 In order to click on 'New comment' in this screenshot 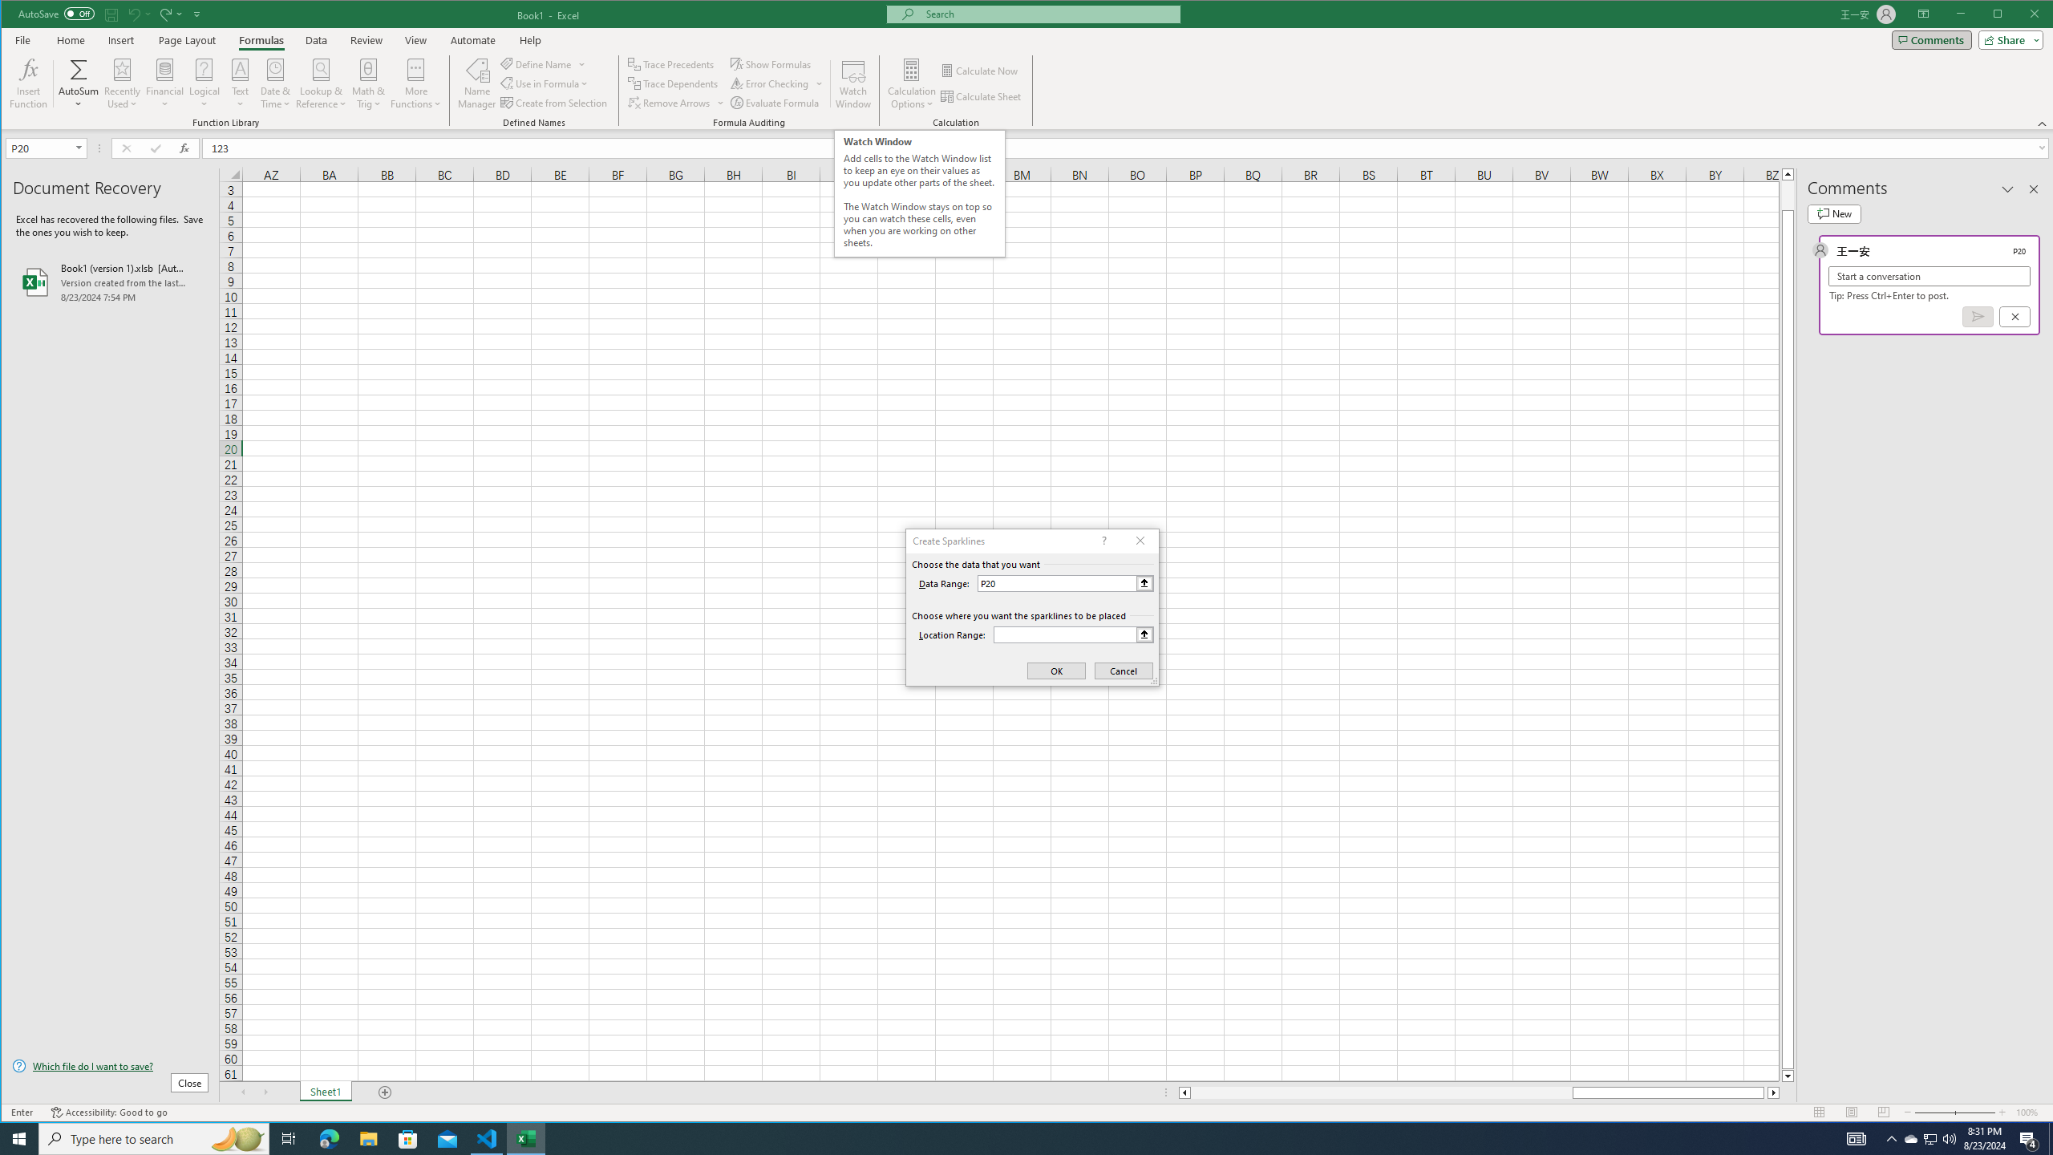, I will do `click(1833, 214)`.